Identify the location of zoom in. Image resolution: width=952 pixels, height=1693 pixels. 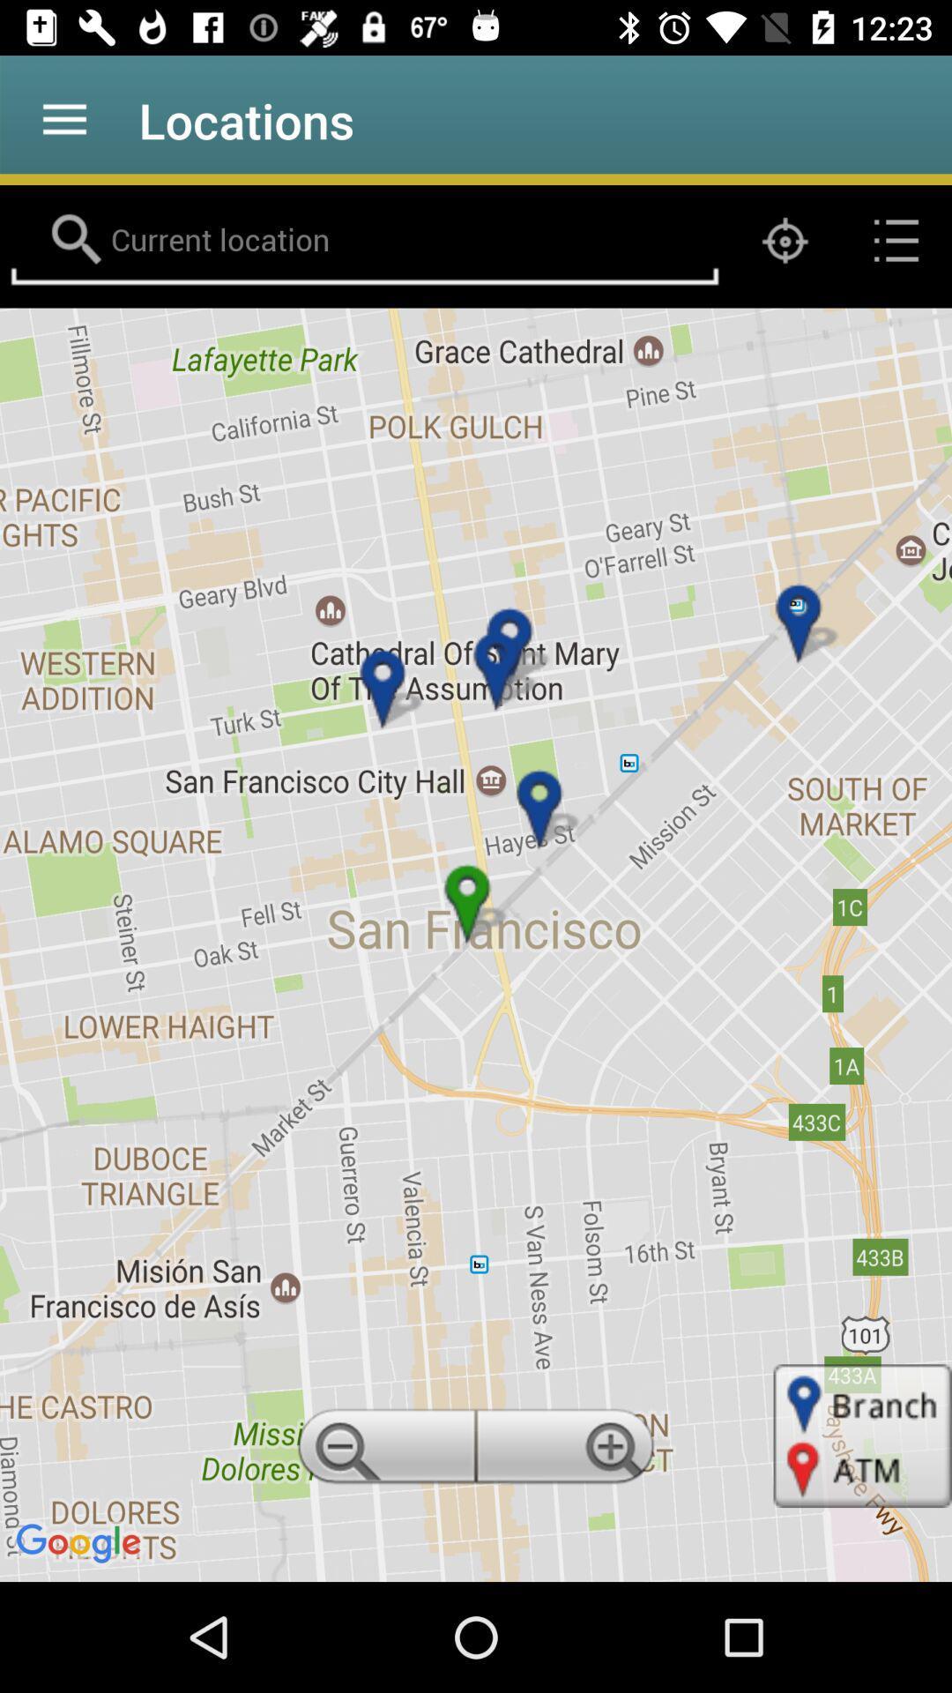
(568, 1451).